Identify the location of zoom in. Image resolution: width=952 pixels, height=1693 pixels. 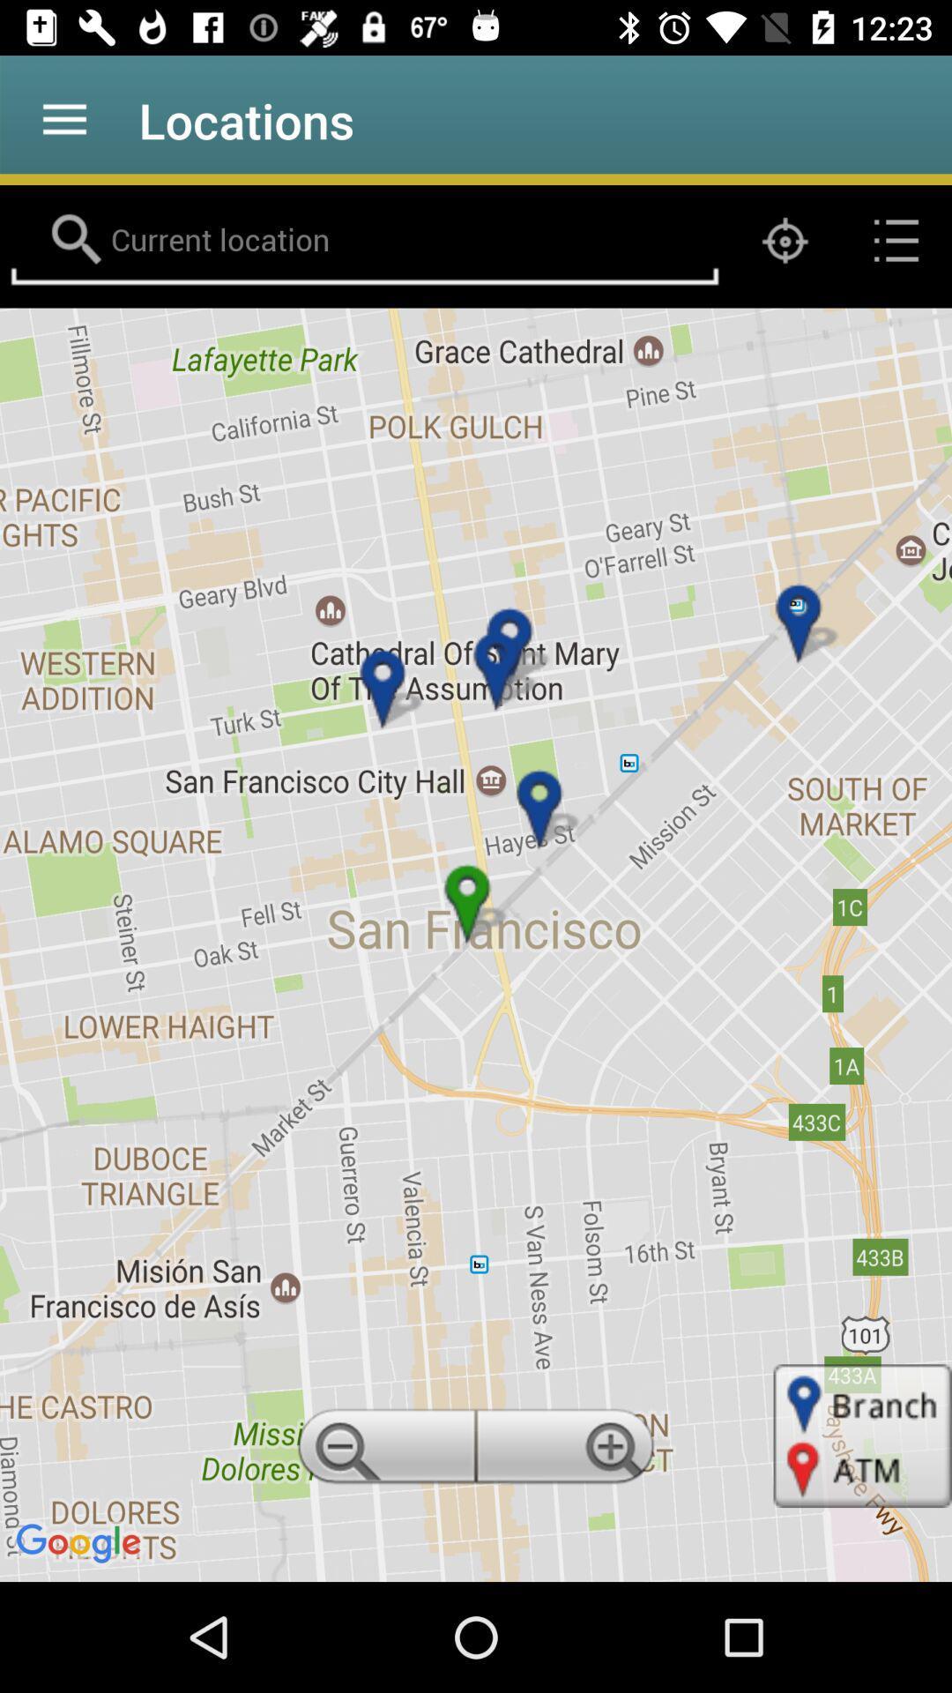
(568, 1451).